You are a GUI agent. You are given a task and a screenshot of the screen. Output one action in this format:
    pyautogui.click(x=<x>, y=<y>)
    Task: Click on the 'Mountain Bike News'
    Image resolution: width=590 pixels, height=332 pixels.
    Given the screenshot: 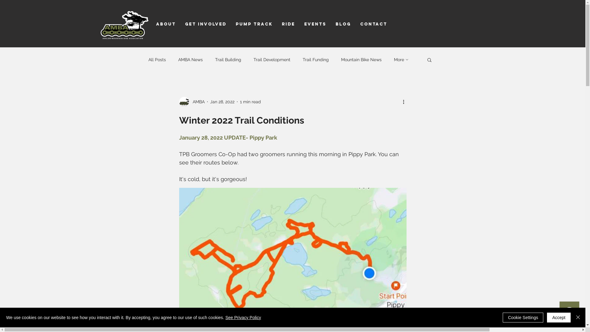 What is the action you would take?
    pyautogui.click(x=361, y=59)
    